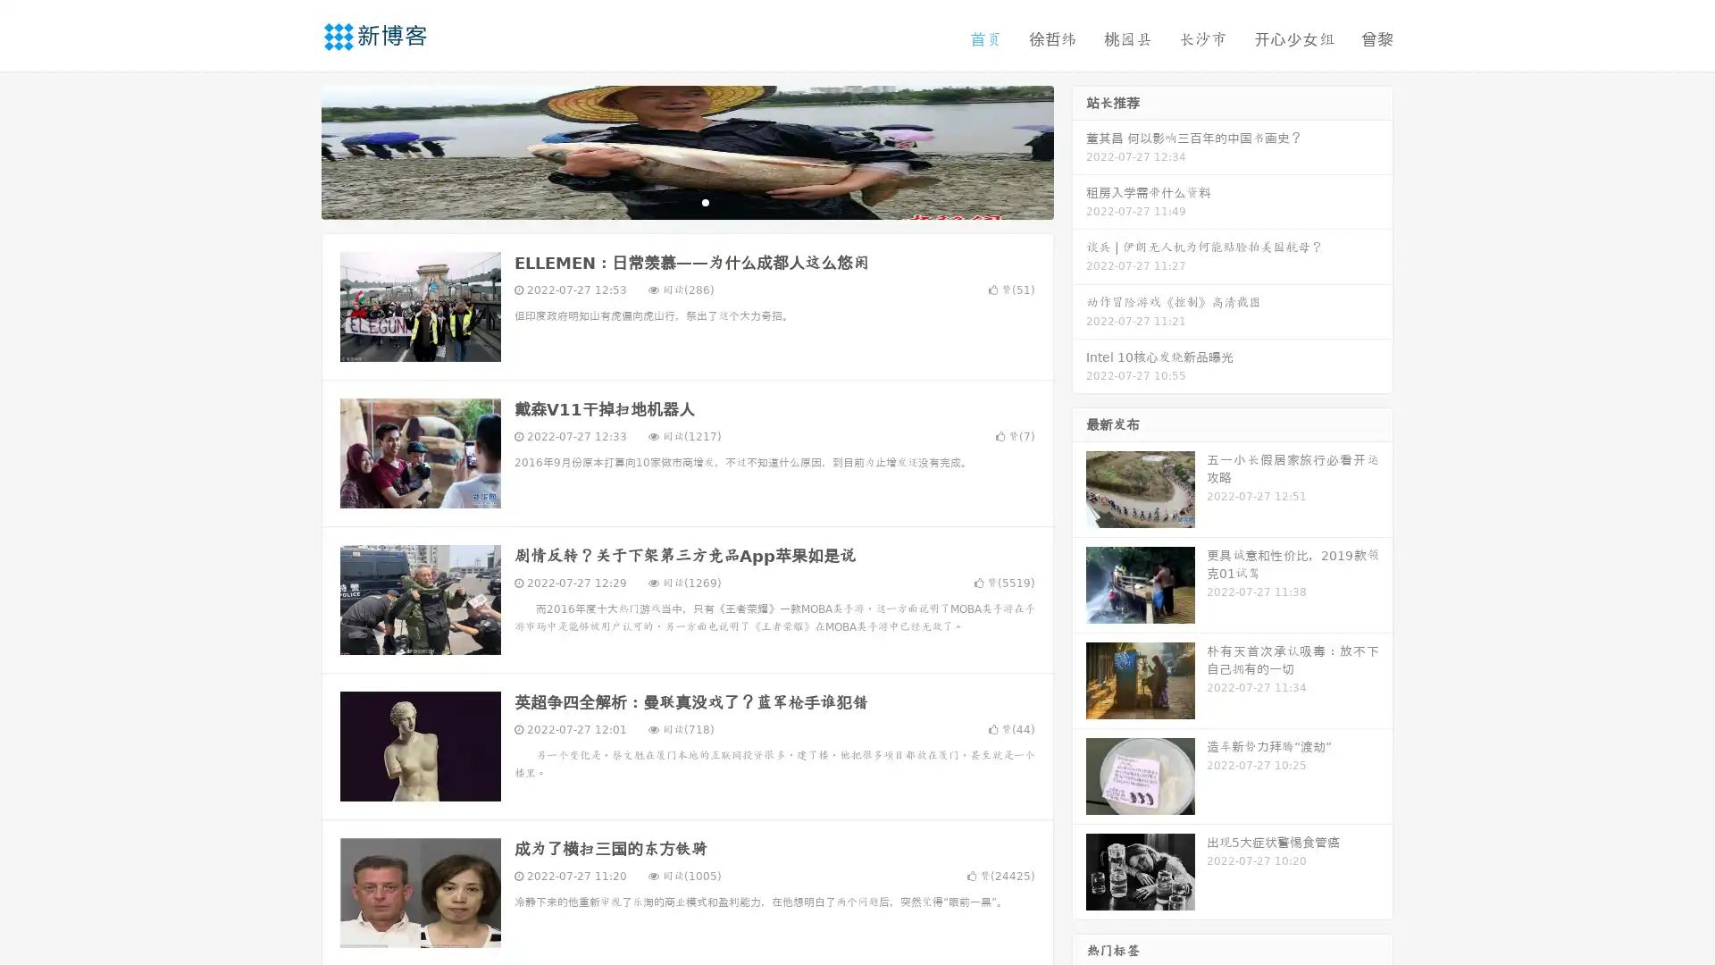 The image size is (1715, 965). What do you see at coordinates (668, 201) in the screenshot?
I see `Go to slide 1` at bounding box center [668, 201].